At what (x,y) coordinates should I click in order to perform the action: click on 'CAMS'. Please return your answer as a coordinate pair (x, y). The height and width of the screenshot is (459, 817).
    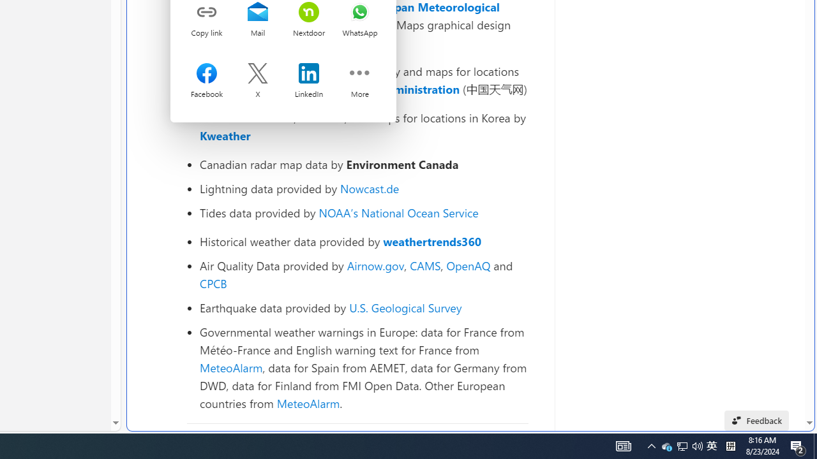
    Looking at the image, I should click on (425, 265).